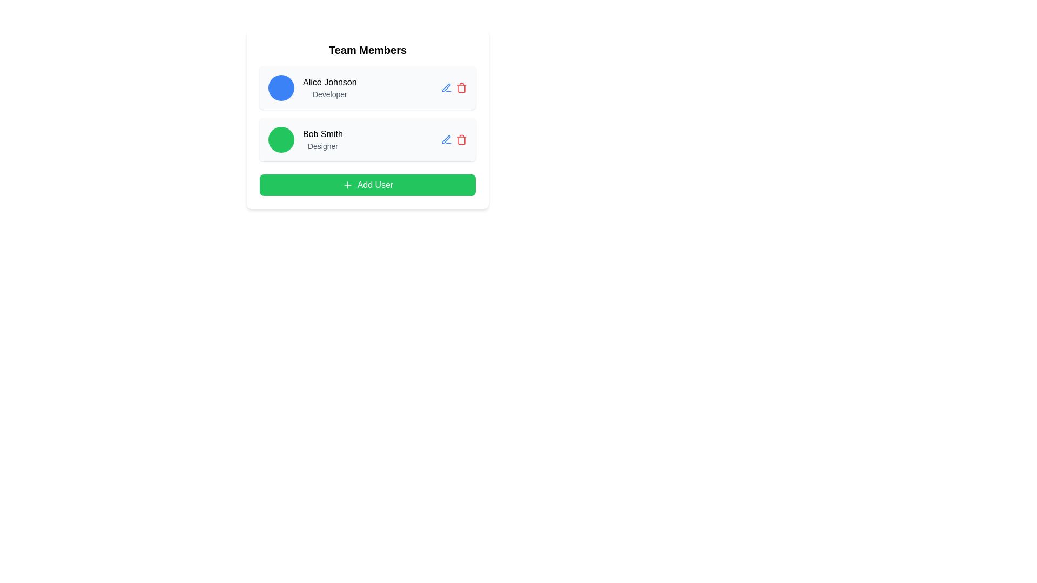 Image resolution: width=1037 pixels, height=583 pixels. I want to click on the Card-like user information display for team member Alice Johnson, so click(368, 87).